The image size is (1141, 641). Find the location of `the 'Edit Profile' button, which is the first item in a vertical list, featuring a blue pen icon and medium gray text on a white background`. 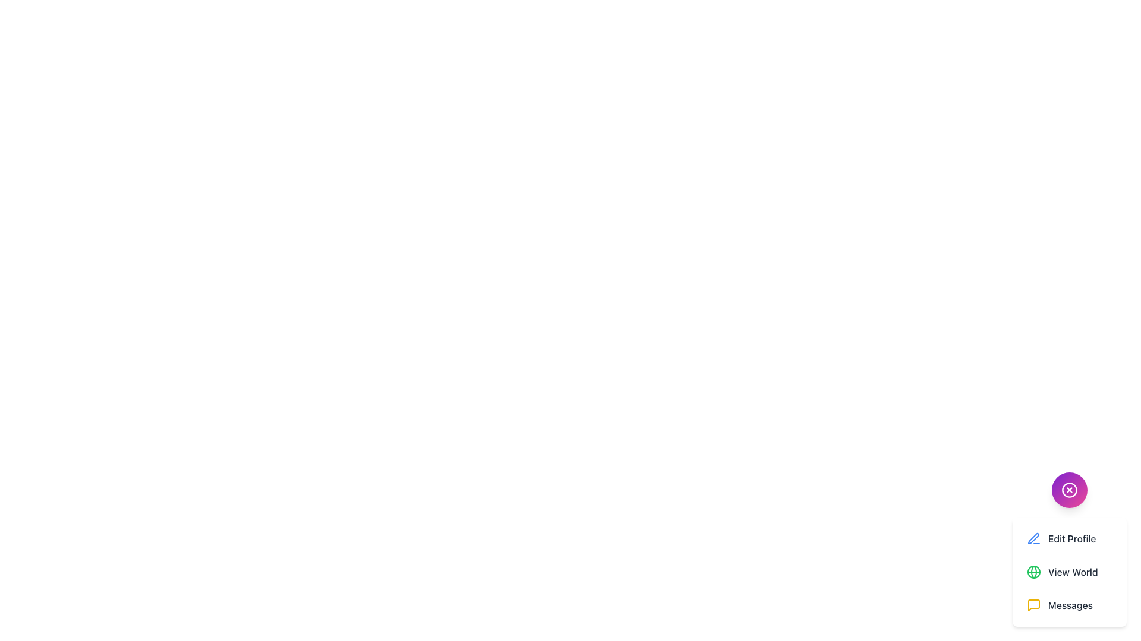

the 'Edit Profile' button, which is the first item in a vertical list, featuring a blue pen icon and medium gray text on a white background is located at coordinates (1070, 538).